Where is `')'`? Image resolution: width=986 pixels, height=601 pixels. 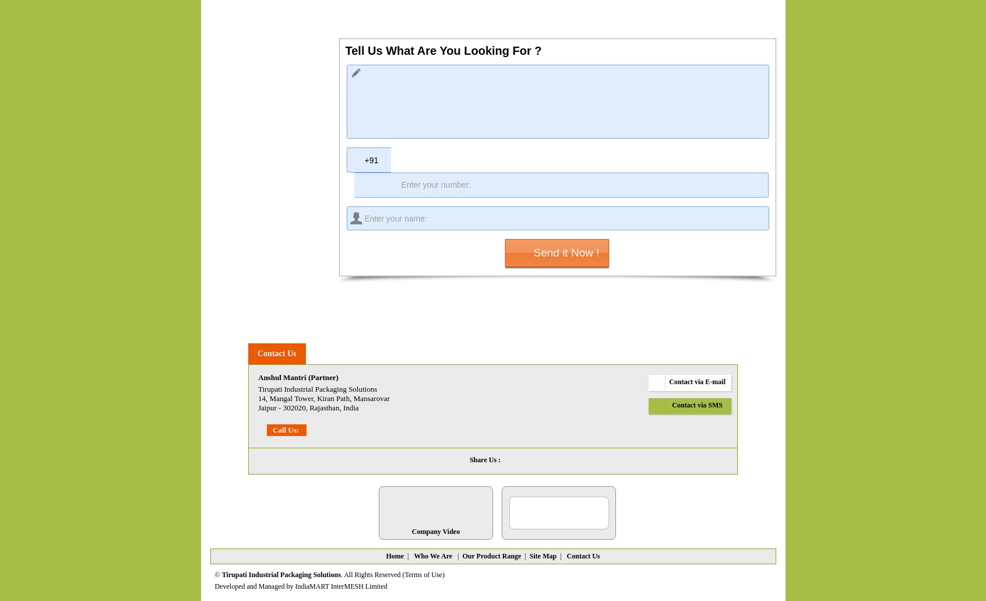
')' is located at coordinates (442, 574).